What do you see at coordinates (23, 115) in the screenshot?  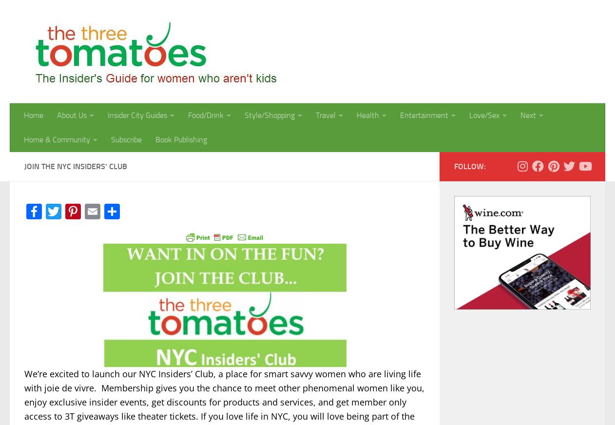 I see `'Home'` at bounding box center [23, 115].